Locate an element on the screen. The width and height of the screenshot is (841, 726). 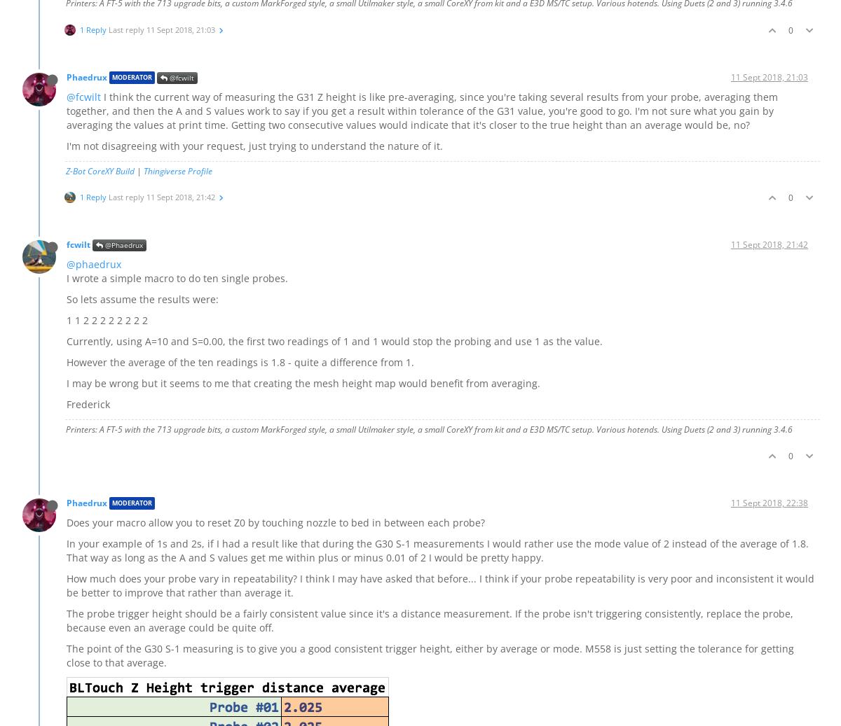
'Frederick' is located at coordinates (88, 403).